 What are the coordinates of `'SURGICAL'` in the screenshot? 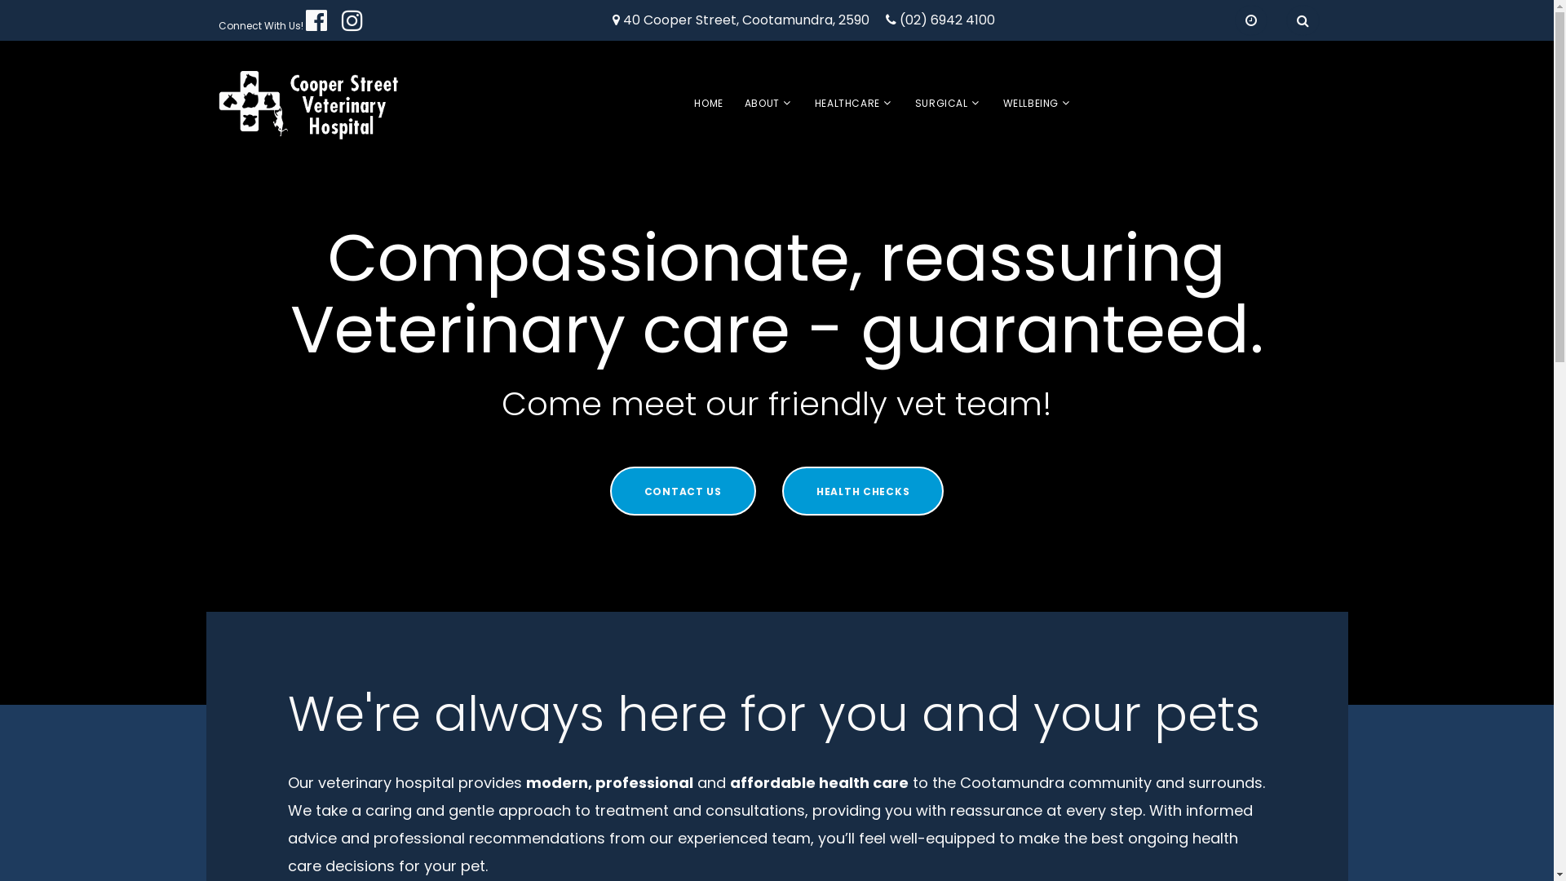 It's located at (915, 103).